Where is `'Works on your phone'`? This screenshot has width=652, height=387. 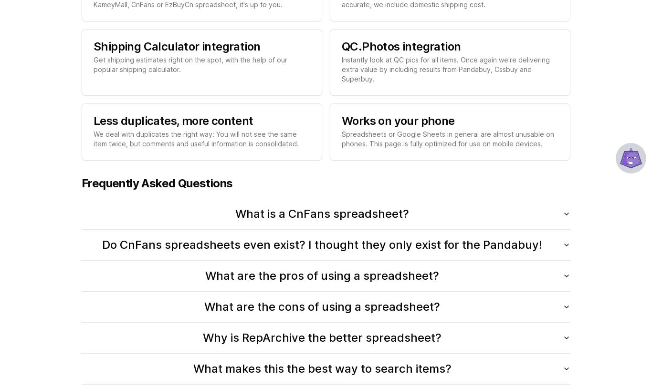
'Works on your phone' is located at coordinates (397, 120).